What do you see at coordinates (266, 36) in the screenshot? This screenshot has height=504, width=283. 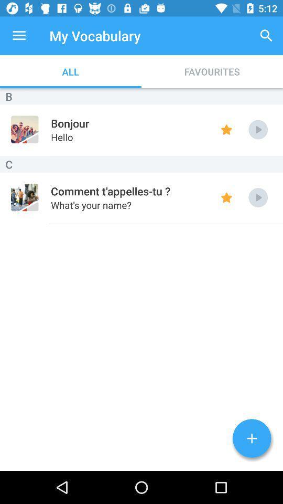 I see `the app to the right of my vocabulary item` at bounding box center [266, 36].